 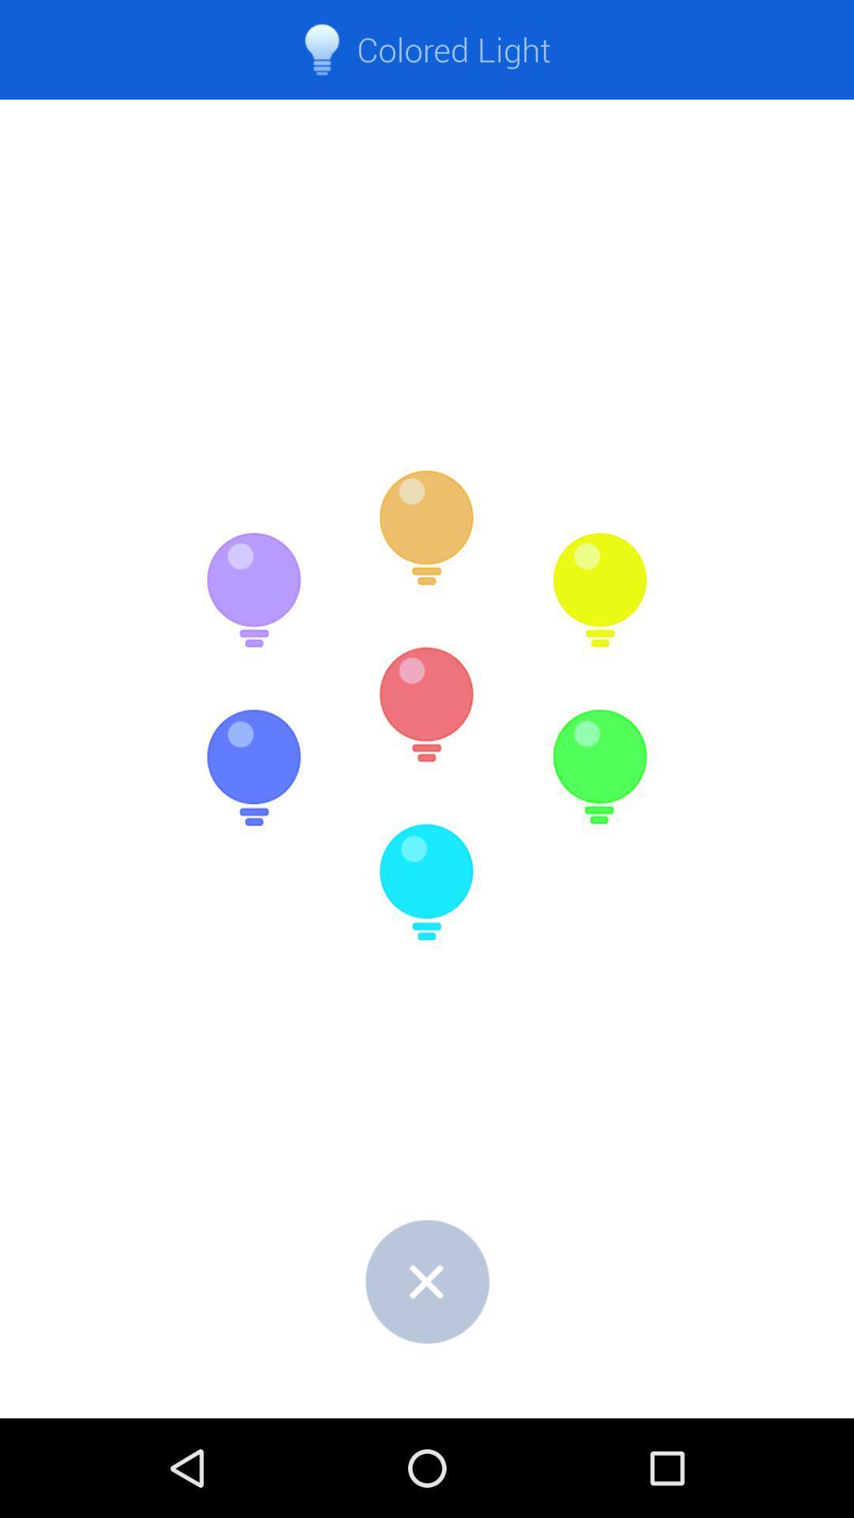 I want to click on a light, so click(x=253, y=590).